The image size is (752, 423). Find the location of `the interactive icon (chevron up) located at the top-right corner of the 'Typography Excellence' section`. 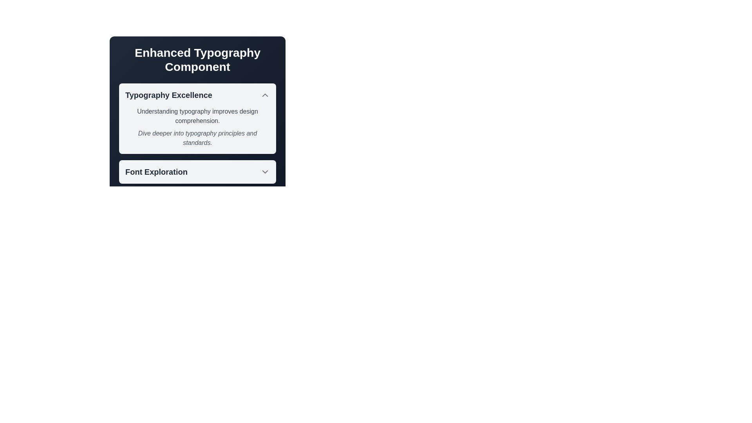

the interactive icon (chevron up) located at the top-right corner of the 'Typography Excellence' section is located at coordinates (265, 95).